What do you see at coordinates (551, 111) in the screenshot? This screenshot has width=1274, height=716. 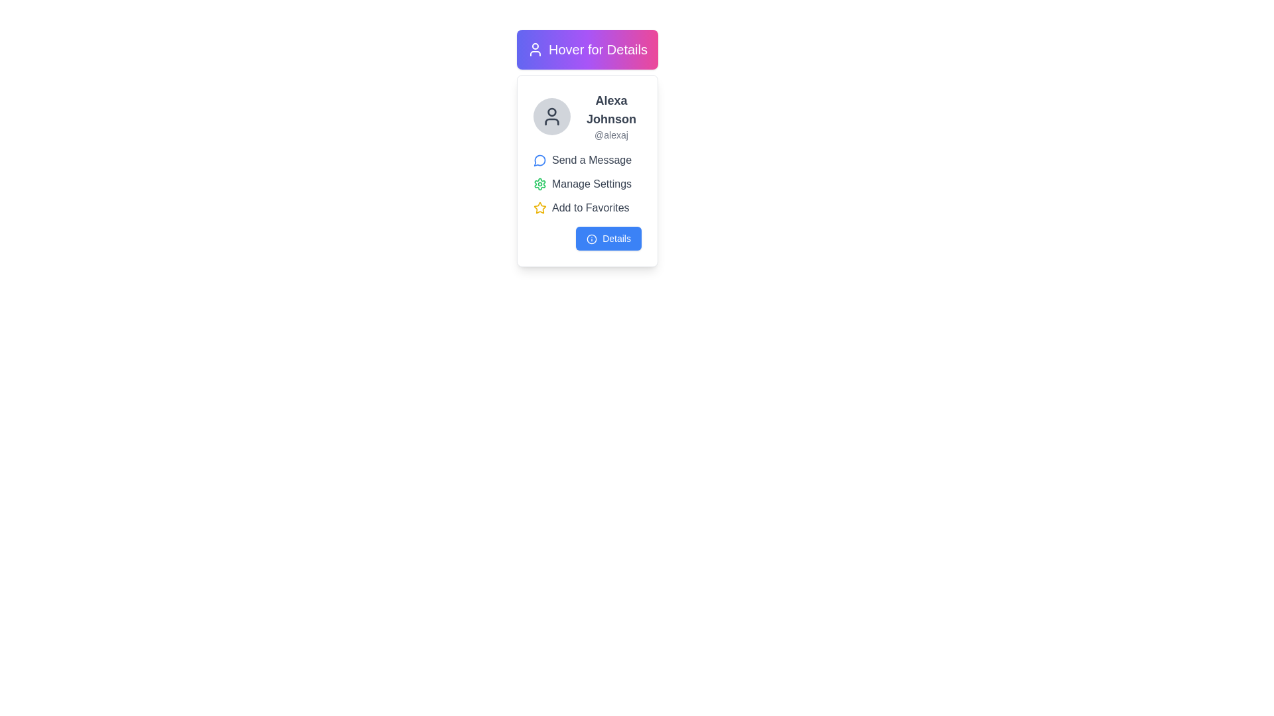 I see `the SVG circle element representing the user's head in the profile card, located near the top of the card` at bounding box center [551, 111].